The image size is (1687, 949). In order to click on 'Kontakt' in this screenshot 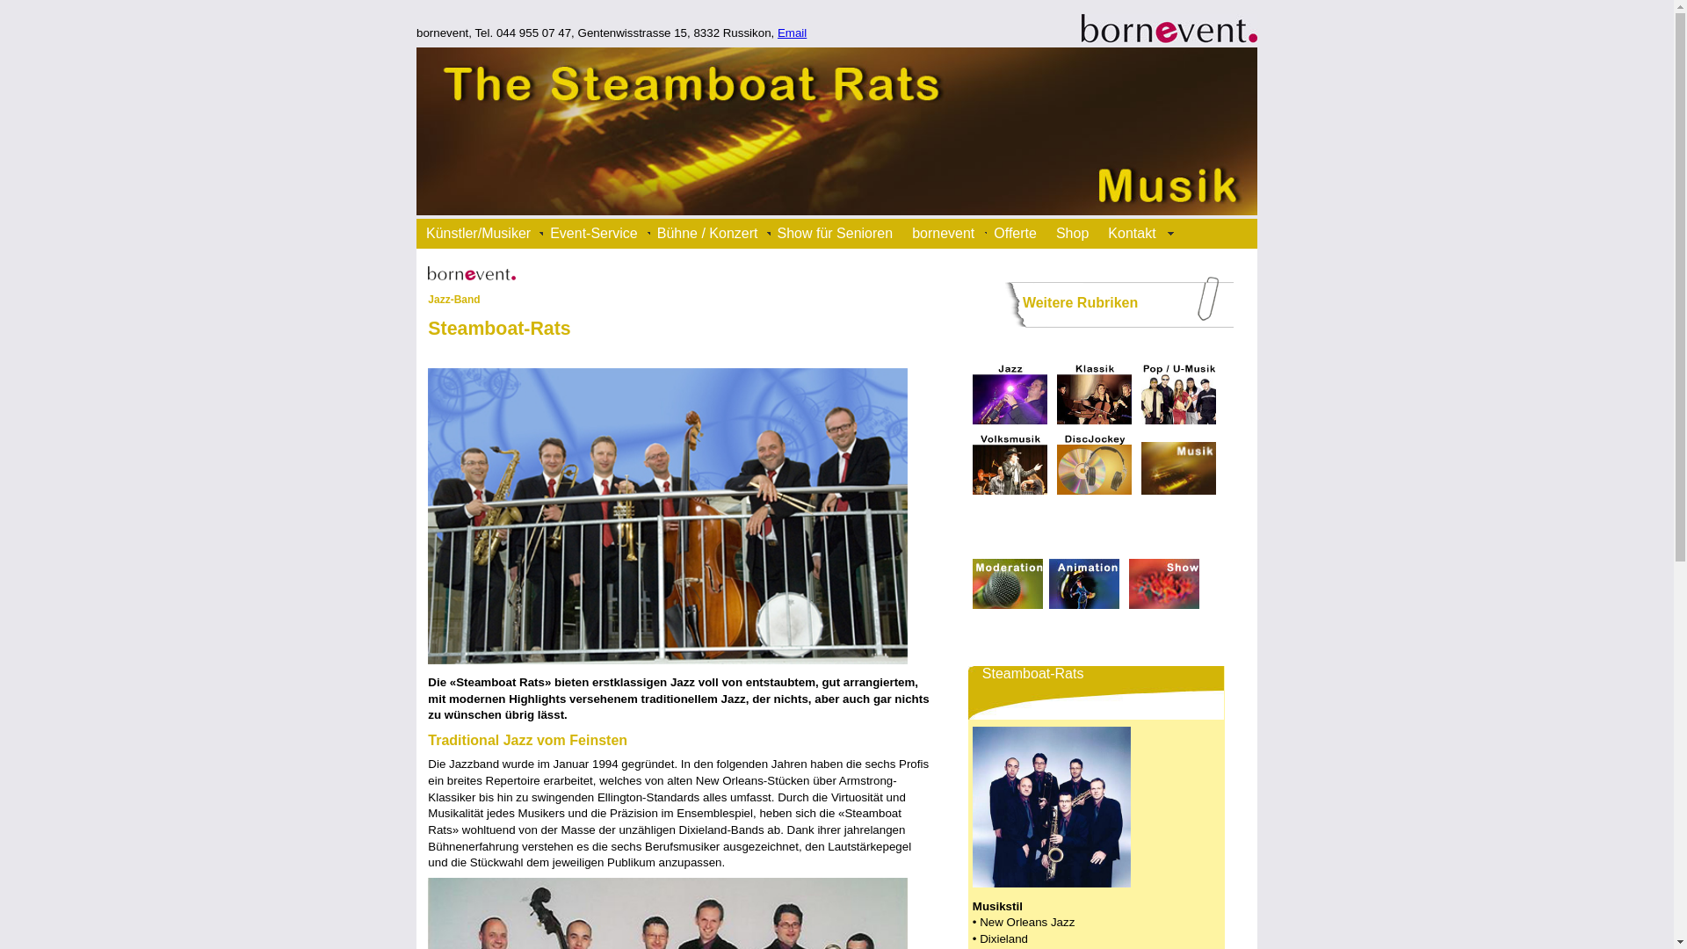, I will do `click(1139, 233)`.